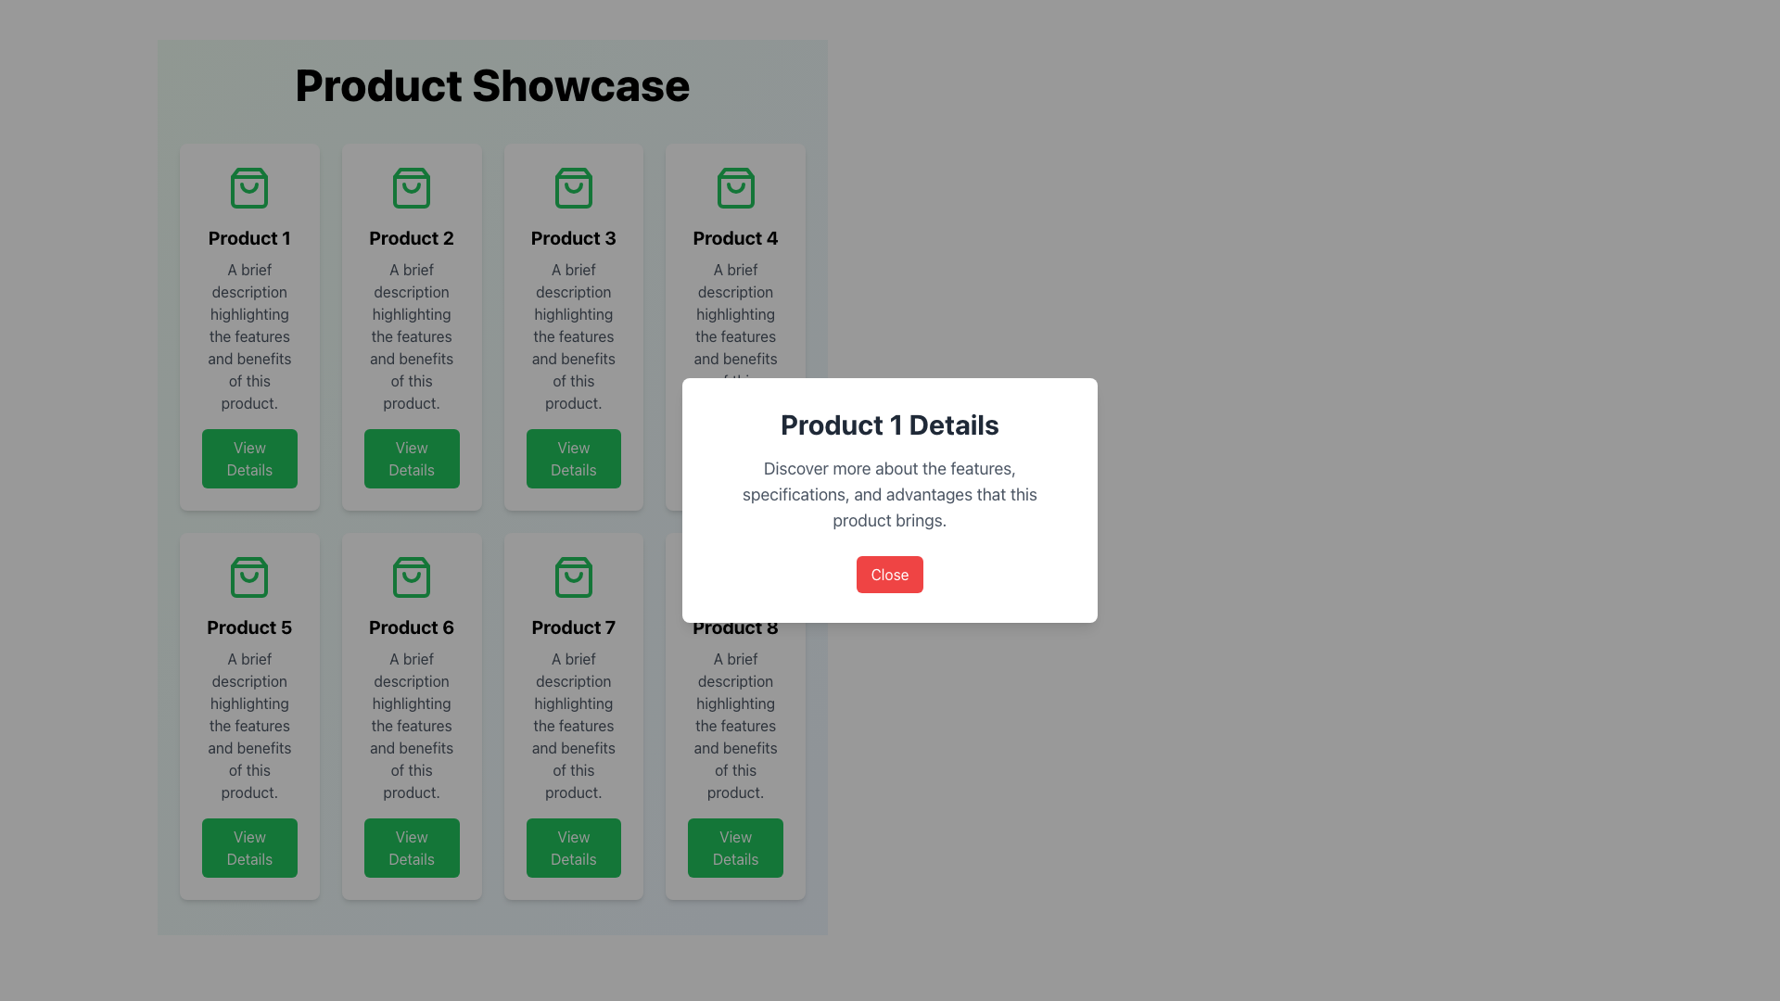  Describe the element at coordinates (411, 188) in the screenshot. I see `the decorative shopping bag icon located in the upper portion of the 'Product 2' card, which is situated in the top row of the product grid, second column from the left` at that location.